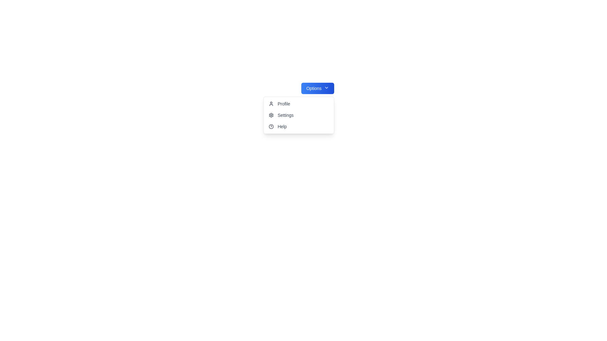 The image size is (607, 341). I want to click on the dropdown indicator icon located to the right of the 'Options' button, so click(327, 87).